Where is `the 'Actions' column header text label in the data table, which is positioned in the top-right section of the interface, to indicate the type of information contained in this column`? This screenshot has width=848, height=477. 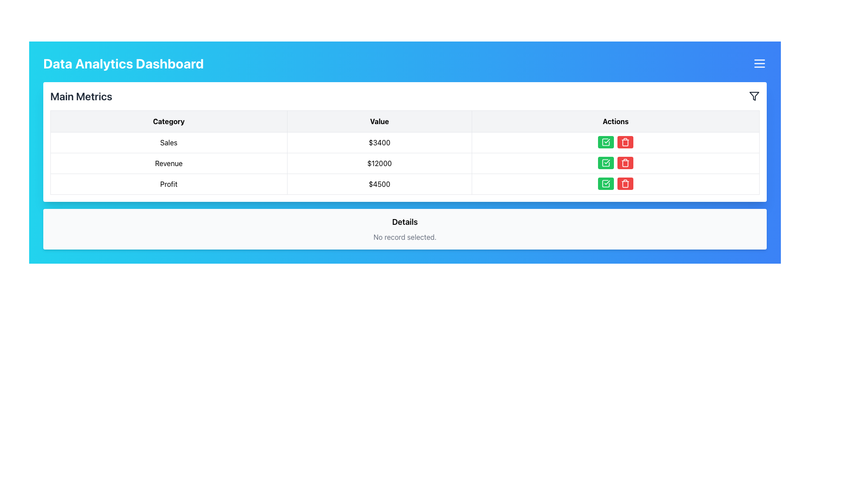 the 'Actions' column header text label in the data table, which is positioned in the top-right section of the interface, to indicate the type of information contained in this column is located at coordinates (615, 121).